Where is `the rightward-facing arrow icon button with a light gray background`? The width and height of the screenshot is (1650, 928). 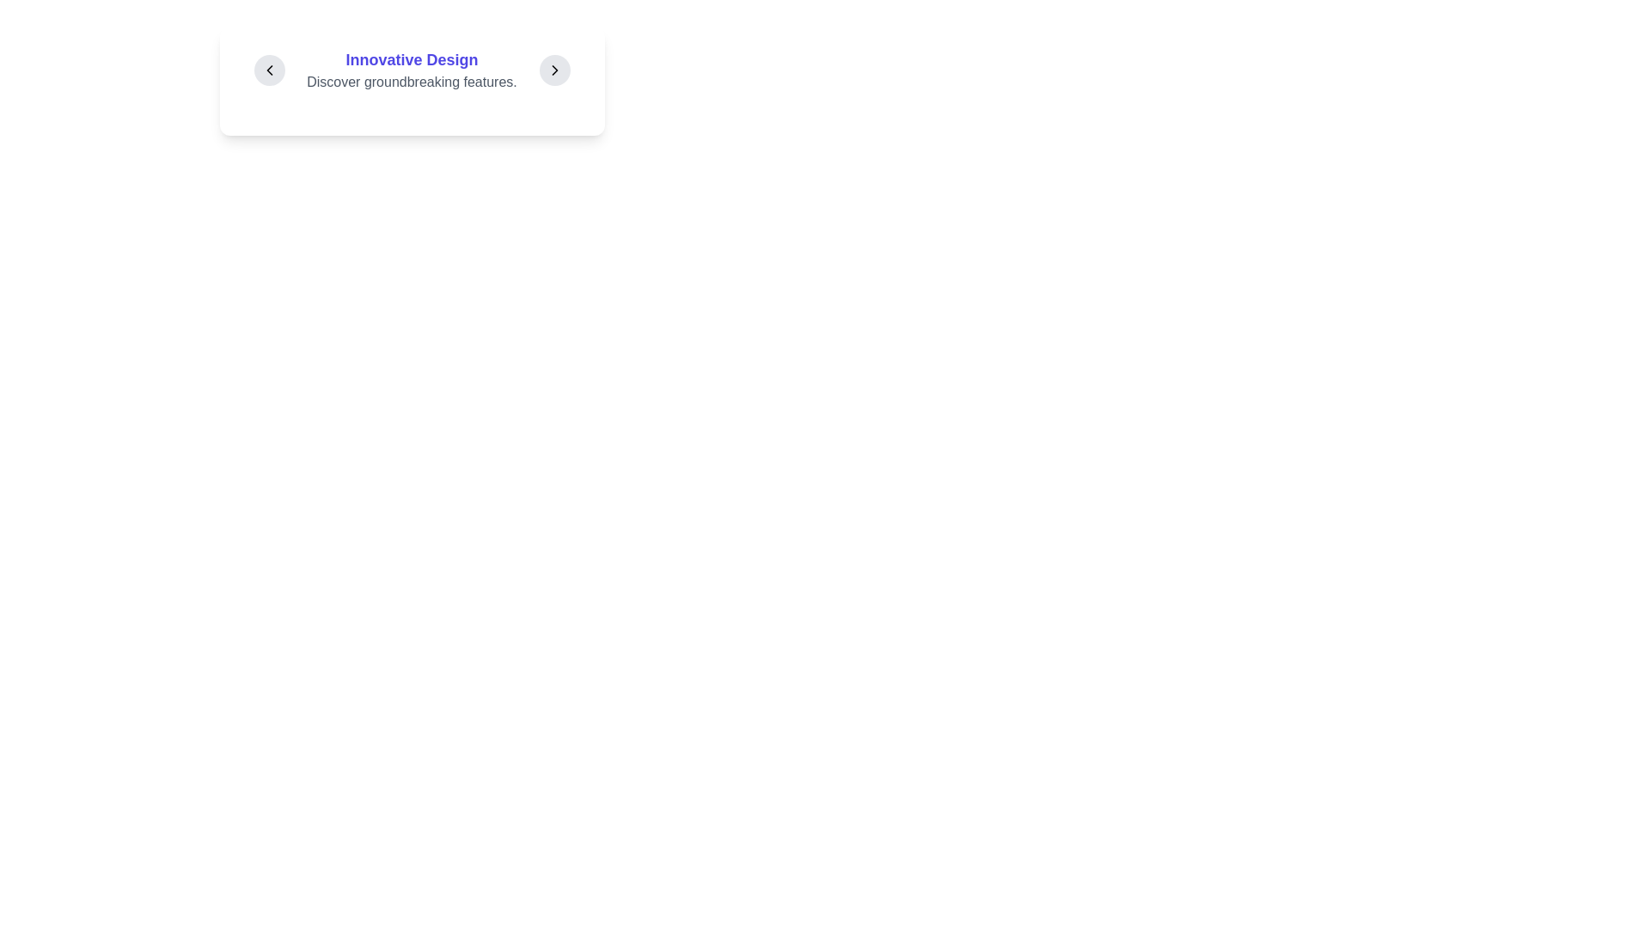 the rightward-facing arrow icon button with a light gray background is located at coordinates (554, 69).